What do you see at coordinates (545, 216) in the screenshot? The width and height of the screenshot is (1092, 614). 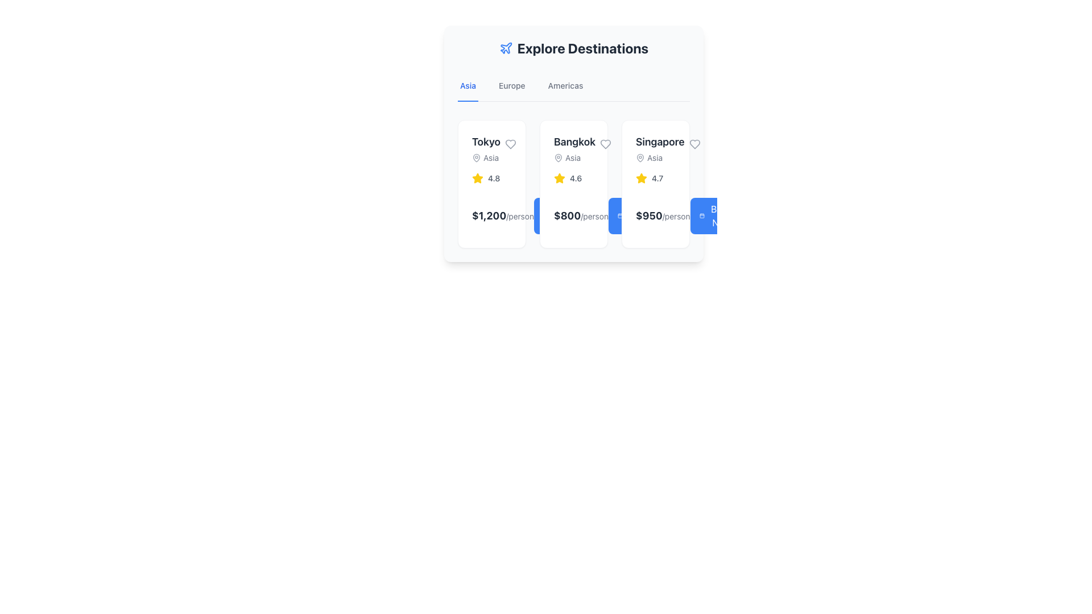 I see `the 'Book Now' button that contains the calendar icon, which is positioned to the left of the button text` at bounding box center [545, 216].